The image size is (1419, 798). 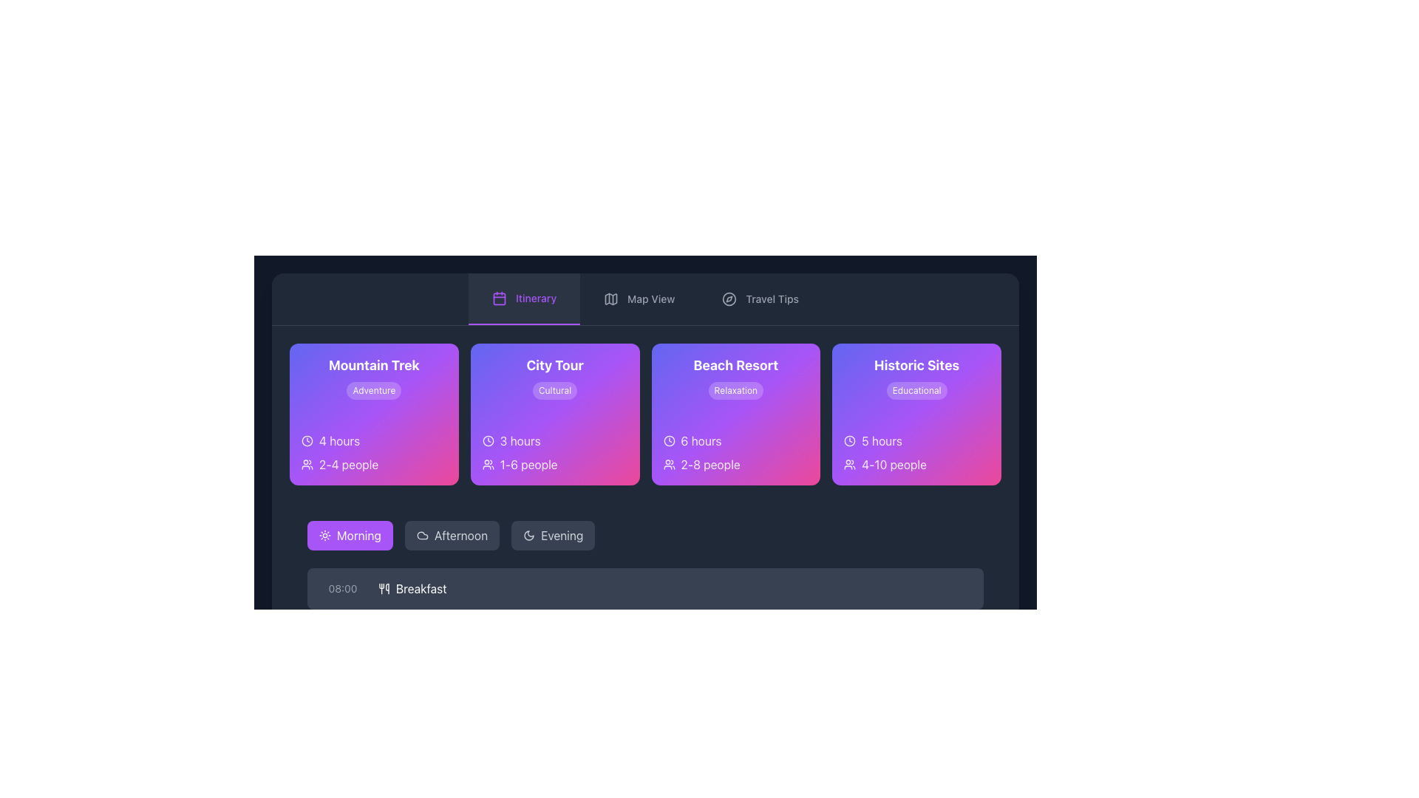 I want to click on the compass icon representing navigation or exploration located to the left of the 'Travel Tips' text in the upper navigation panel, so click(x=729, y=299).